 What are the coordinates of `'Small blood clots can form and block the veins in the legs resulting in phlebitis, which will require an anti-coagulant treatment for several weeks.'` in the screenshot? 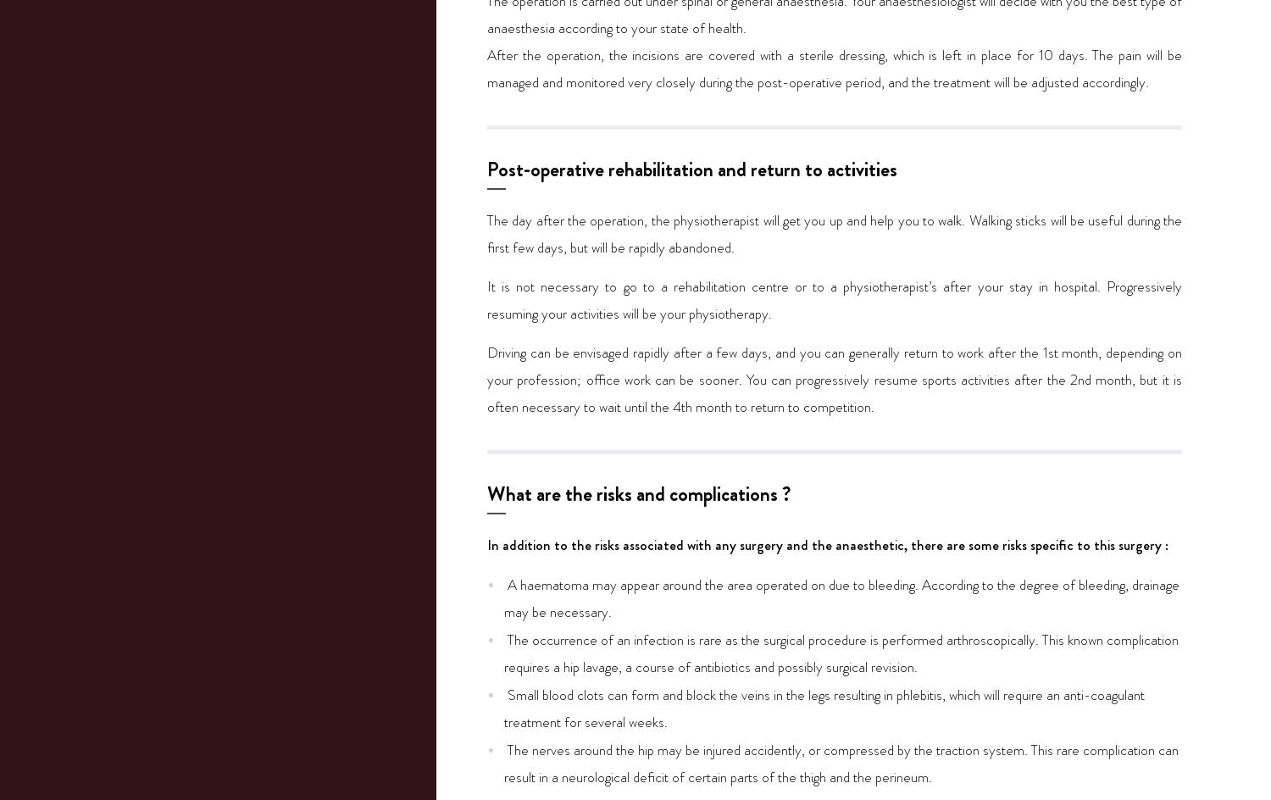 It's located at (824, 707).